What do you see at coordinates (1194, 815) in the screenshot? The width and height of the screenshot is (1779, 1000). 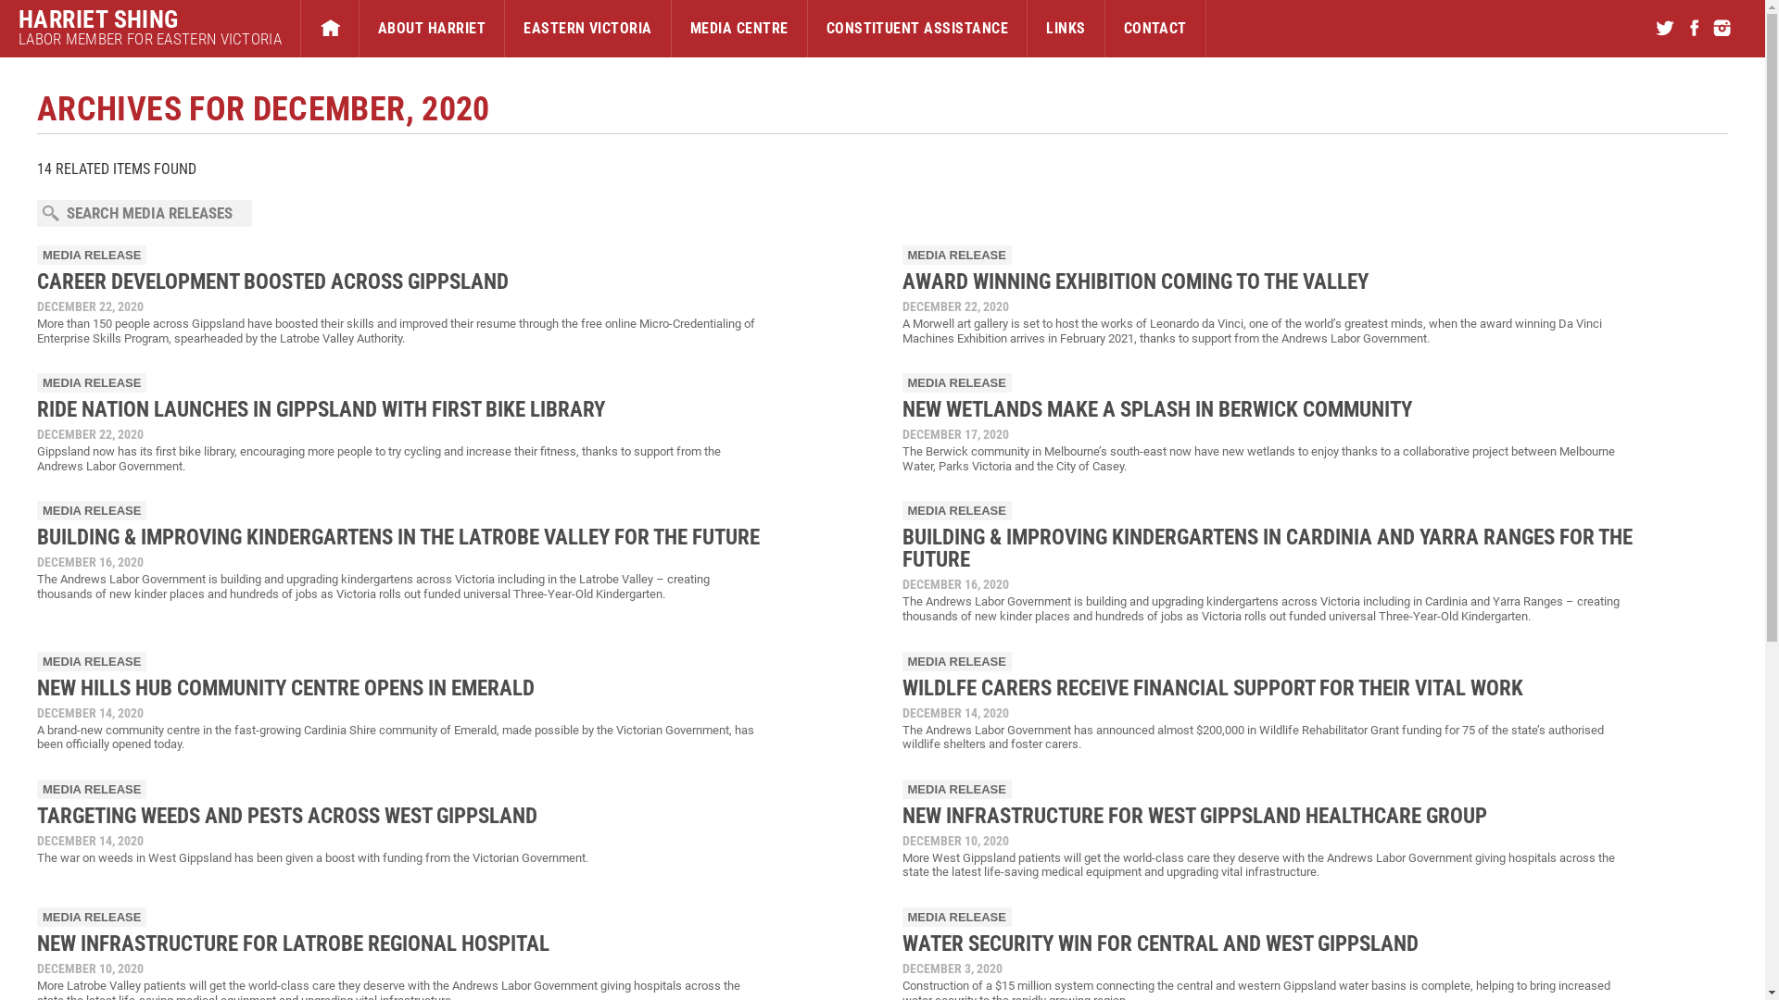 I see `'NEW INFRASTRUCTURE FOR WEST GIPPSLAND HEALTHCARE GROUP'` at bounding box center [1194, 815].